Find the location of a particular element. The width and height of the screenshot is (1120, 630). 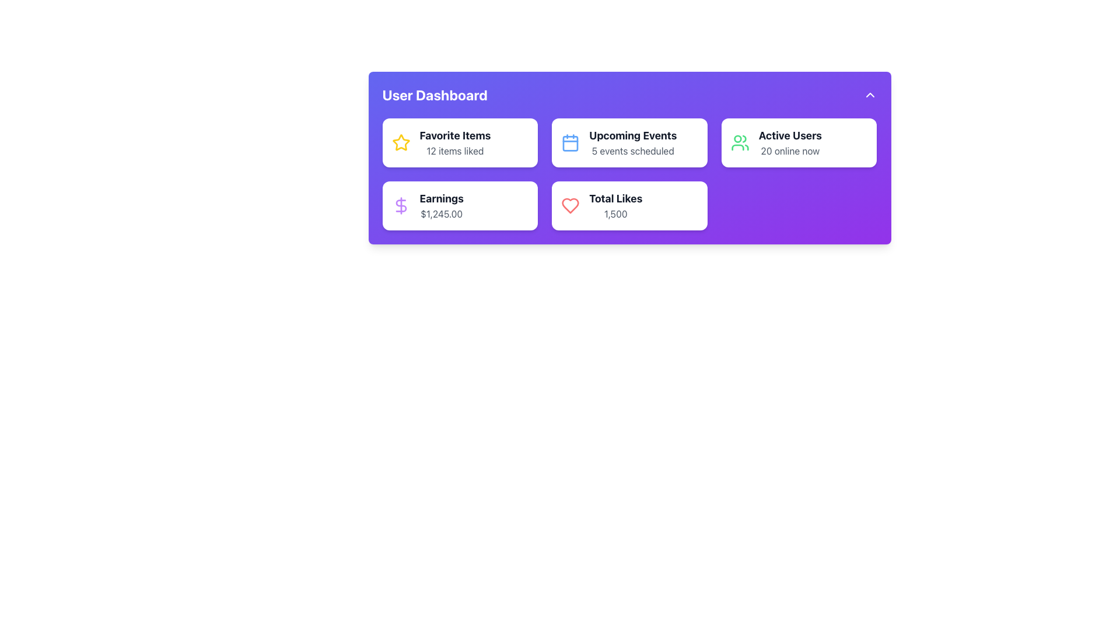

the Informational card titled 'Favorite Items' with a subtitle stating '12 items liked', located in the top-left corner of the grid layout is located at coordinates (459, 142).